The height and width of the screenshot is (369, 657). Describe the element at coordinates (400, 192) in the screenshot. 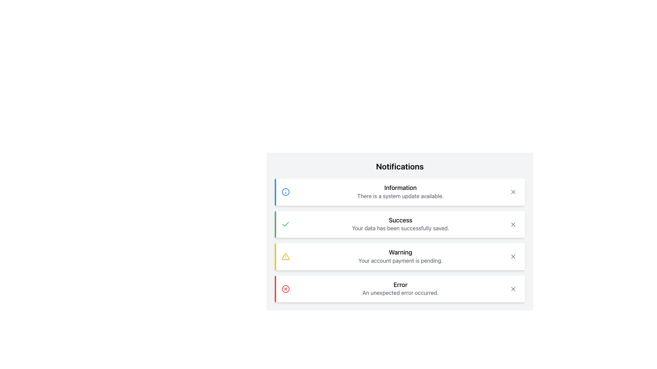

I see `the 'Information' text block that contains a bolded title and a subtitle indicating a system update, located near the top of the notification list` at that location.